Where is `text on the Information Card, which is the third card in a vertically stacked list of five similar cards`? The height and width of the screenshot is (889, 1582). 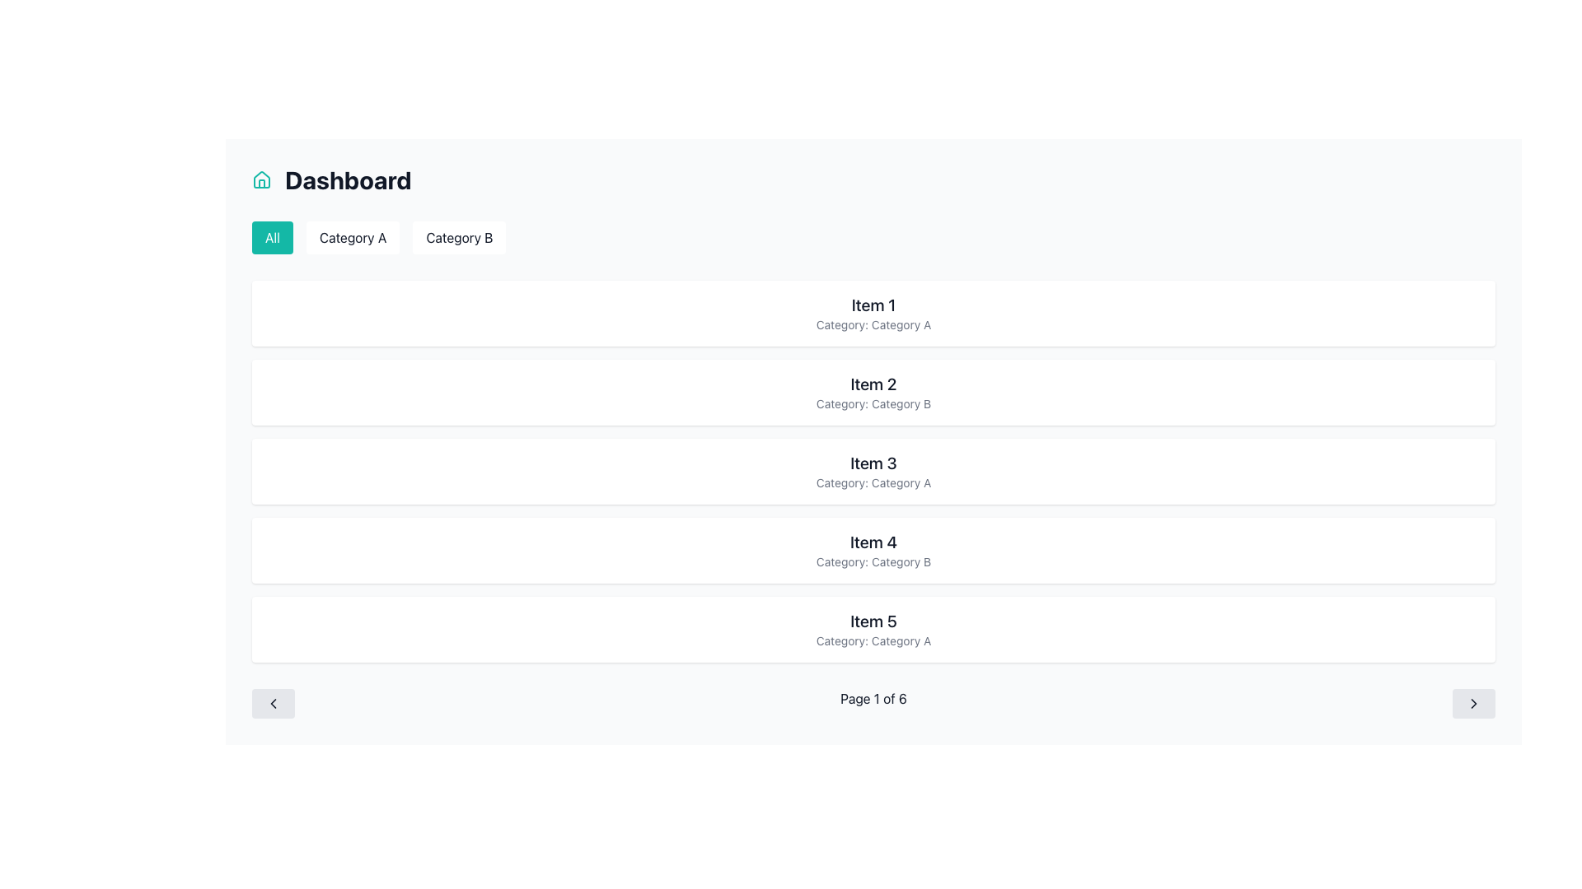 text on the Information Card, which is the third card in a vertically stacked list of five similar cards is located at coordinates (873, 472).